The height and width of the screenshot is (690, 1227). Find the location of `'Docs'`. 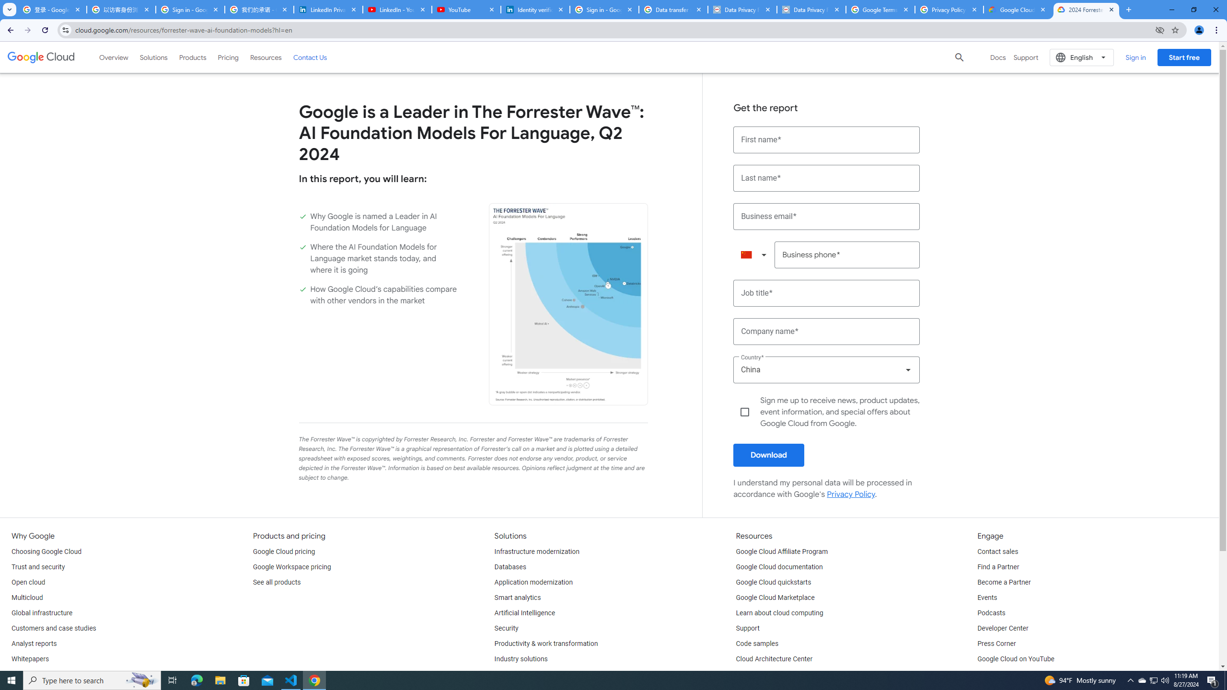

'Docs' is located at coordinates (998, 57).